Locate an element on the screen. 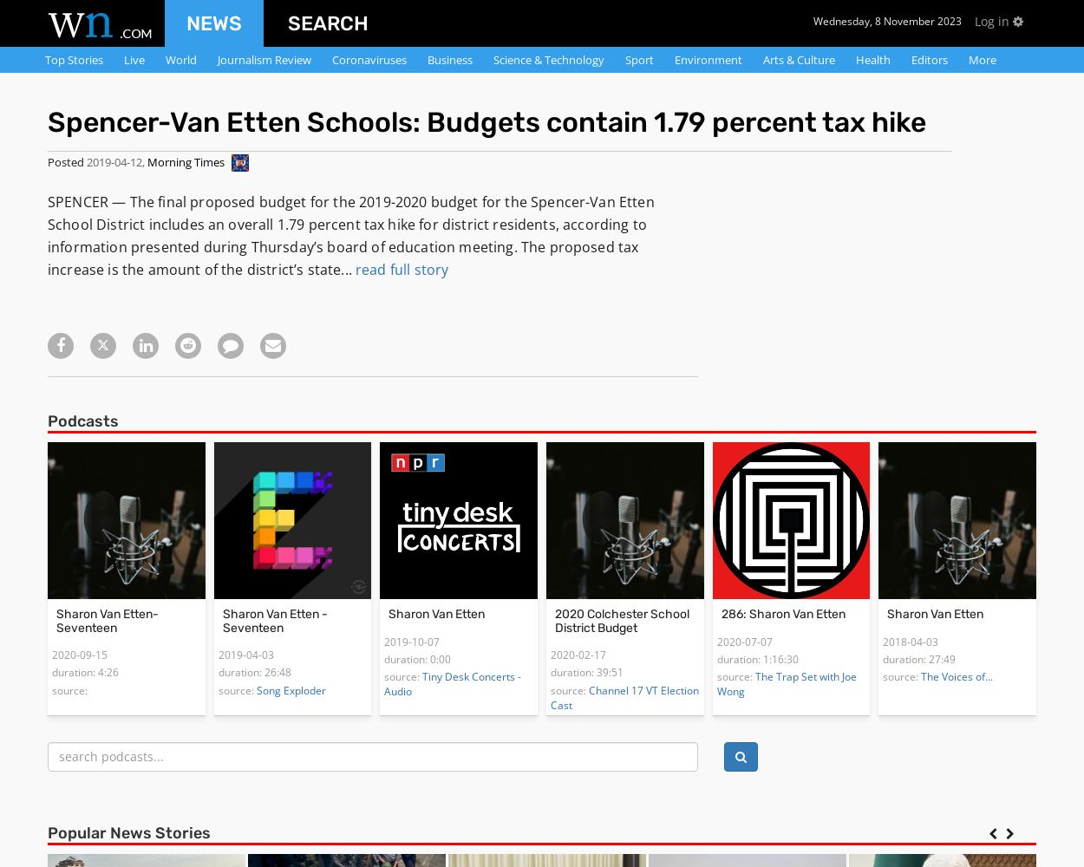 Image resolution: width=1084 pixels, height=867 pixels. 'duration: 1:16:30' is located at coordinates (756, 659).